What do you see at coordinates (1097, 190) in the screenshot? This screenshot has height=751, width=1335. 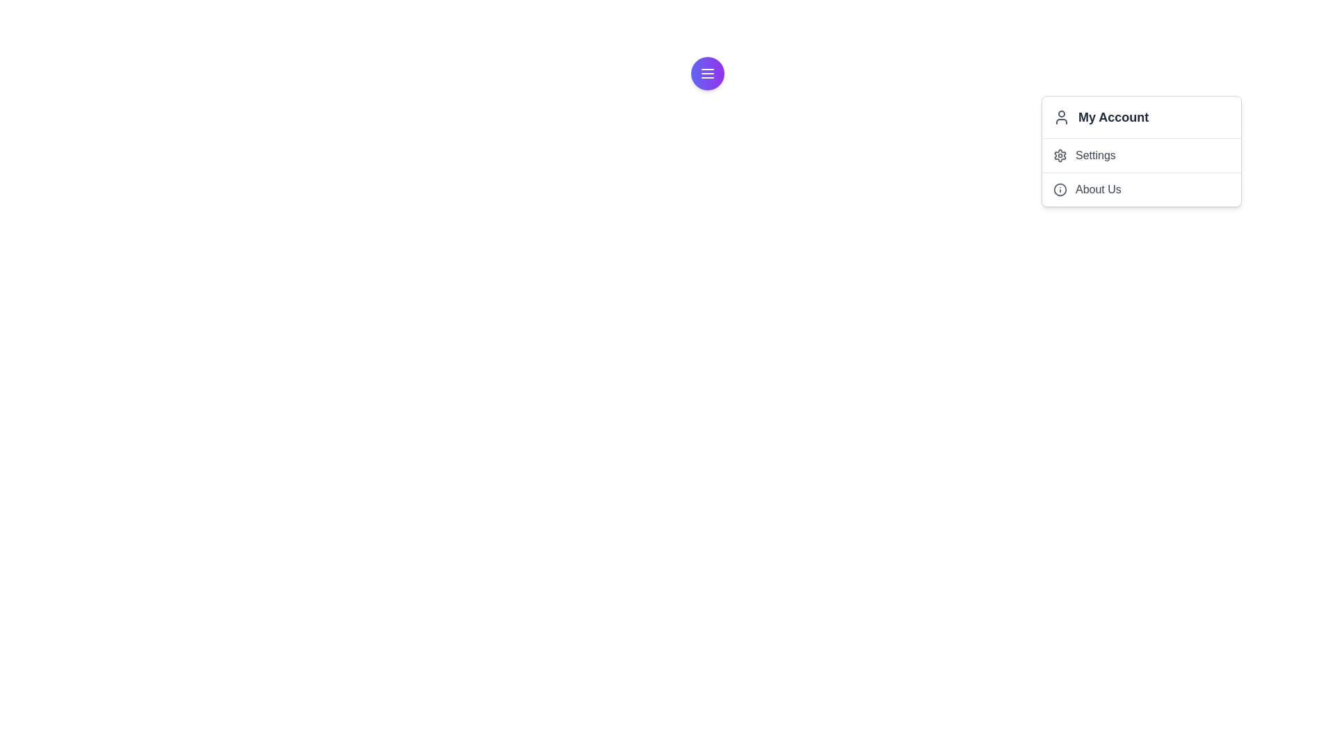 I see `the 'About Us' text label, which is located in the third entry of the vertical menu list under 'My Account' and 'Settings', styled in gray with a serif font` at bounding box center [1097, 190].